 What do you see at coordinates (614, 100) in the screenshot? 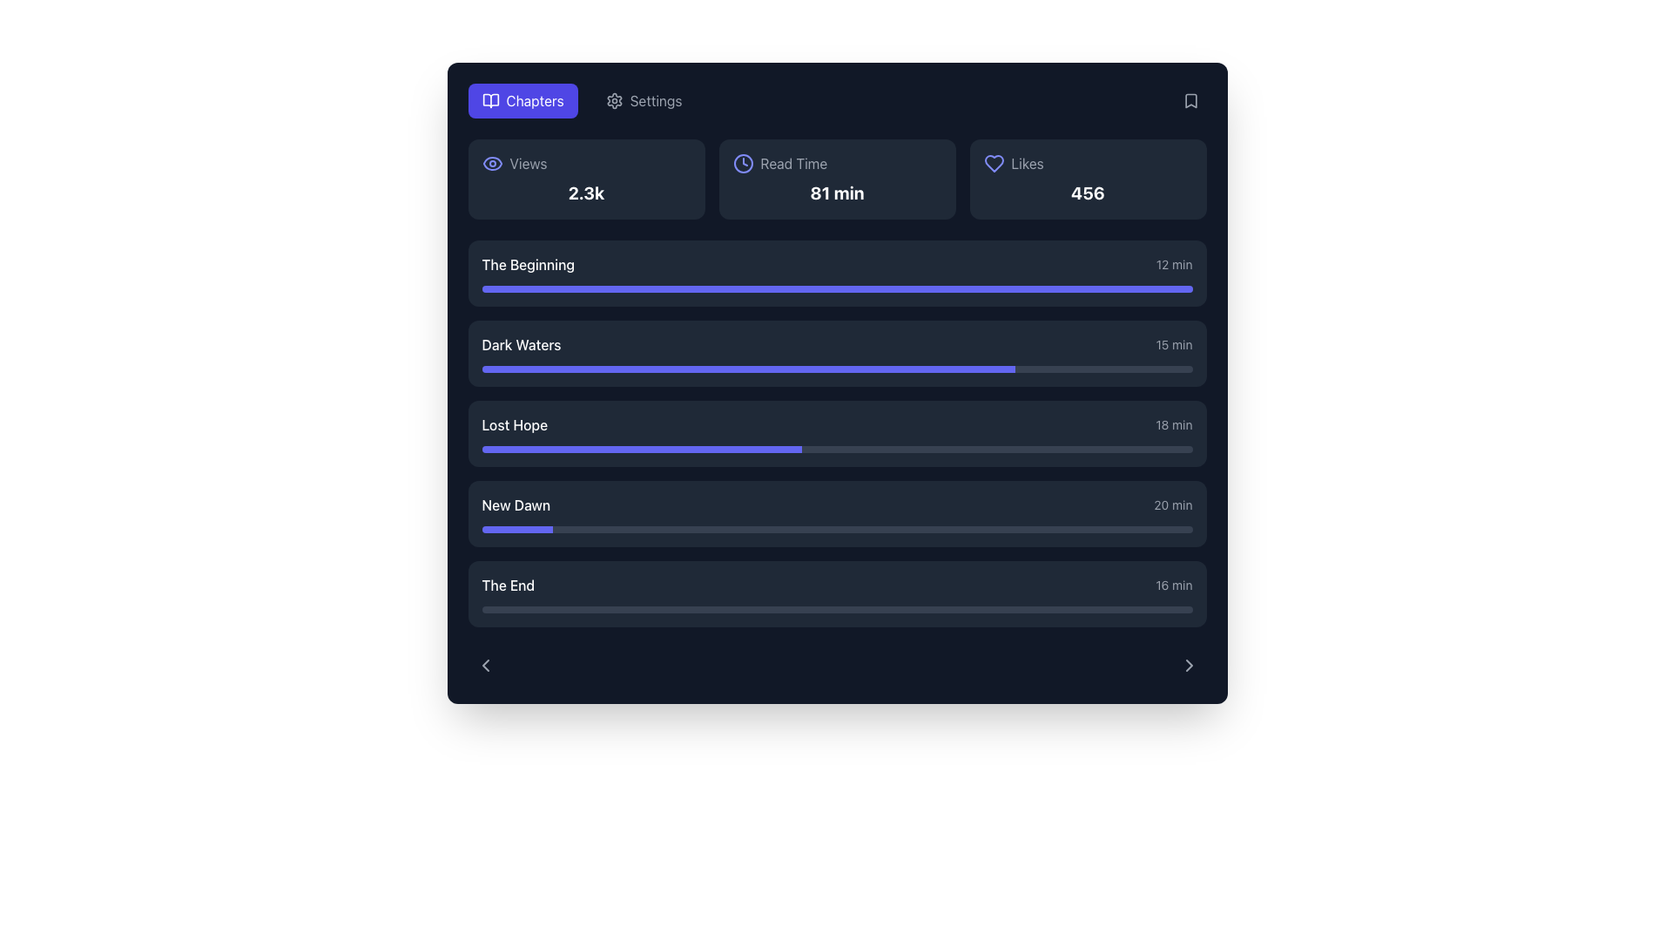
I see `the settings SVG icon positioned` at bounding box center [614, 100].